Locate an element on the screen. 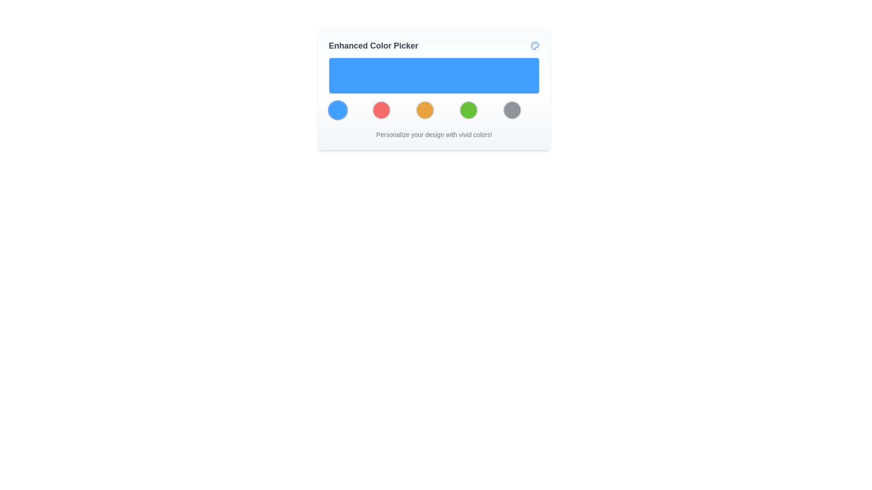 Image resolution: width=872 pixels, height=490 pixels. the third circular button with an orange color is located at coordinates (425, 110).